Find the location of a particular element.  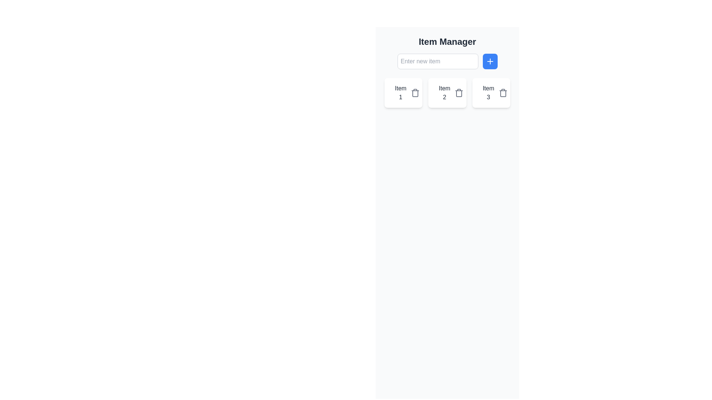

the trash can icon button is located at coordinates (503, 92).